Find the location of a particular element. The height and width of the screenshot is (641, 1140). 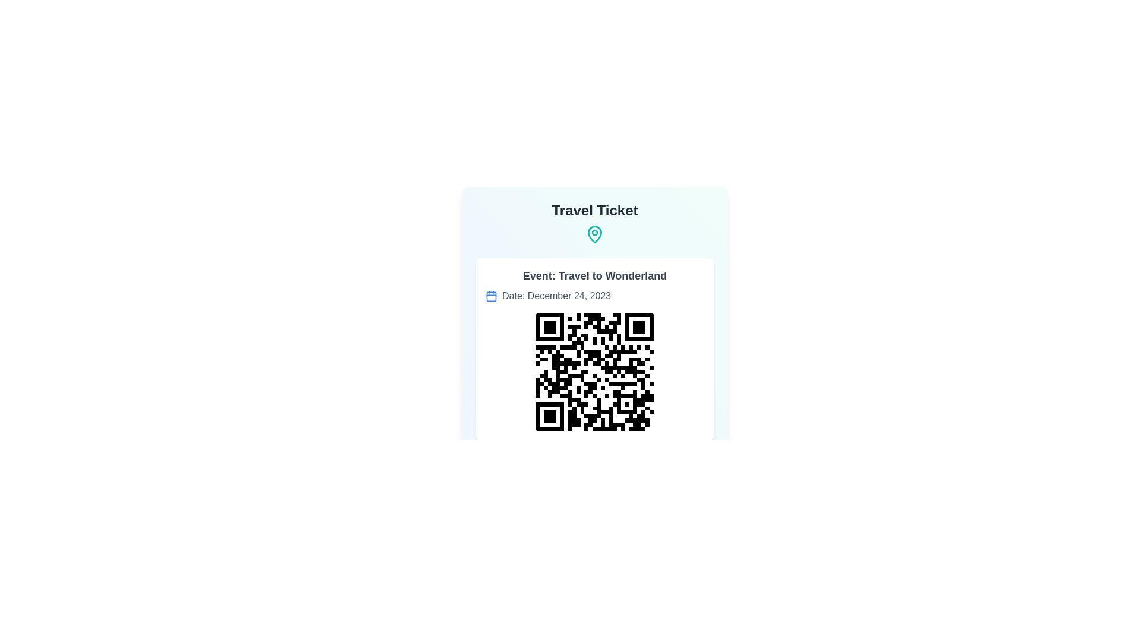

the map-related icon representing travel destinations located under the 'Travel Ticket' title is located at coordinates (595, 233).